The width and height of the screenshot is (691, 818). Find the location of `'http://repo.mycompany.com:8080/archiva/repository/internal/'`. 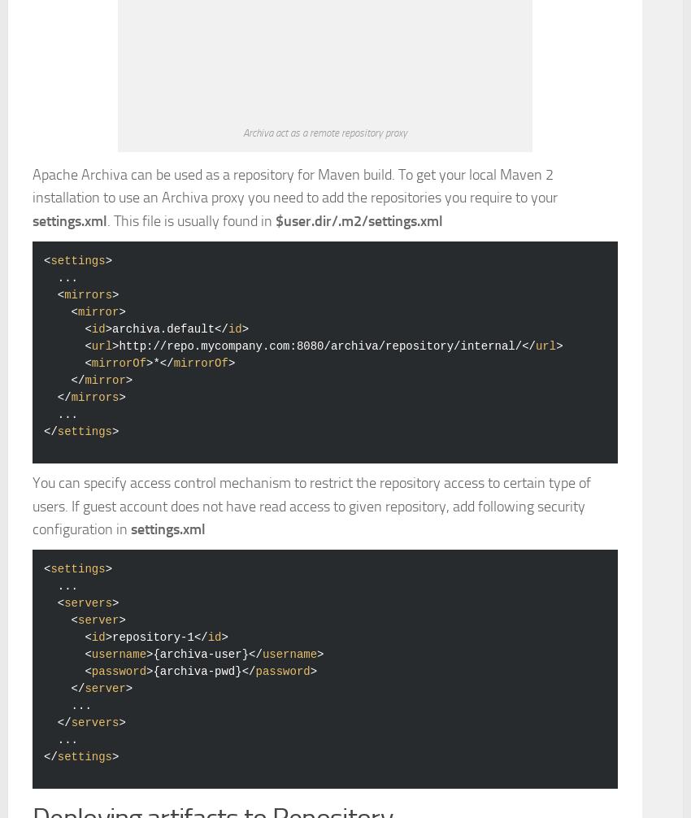

'http://repo.mycompany.com:8080/archiva/repository/internal/' is located at coordinates (319, 573).